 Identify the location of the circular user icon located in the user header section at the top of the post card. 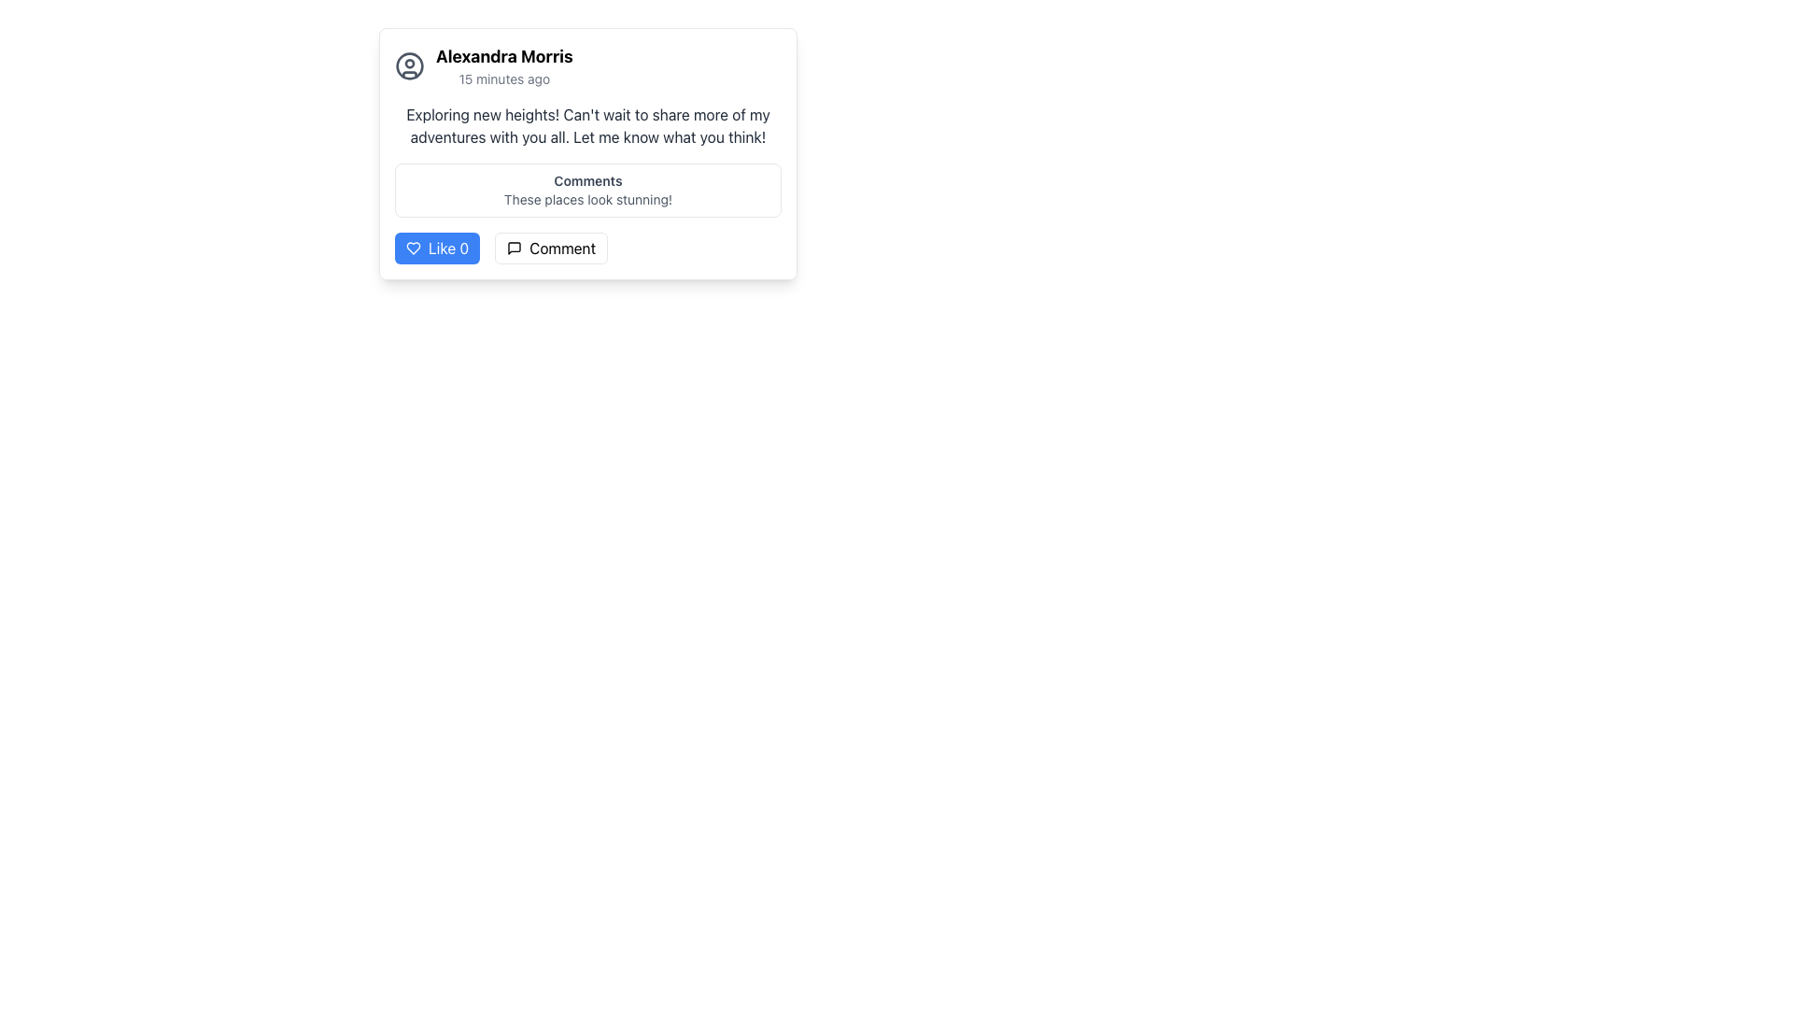
(408, 64).